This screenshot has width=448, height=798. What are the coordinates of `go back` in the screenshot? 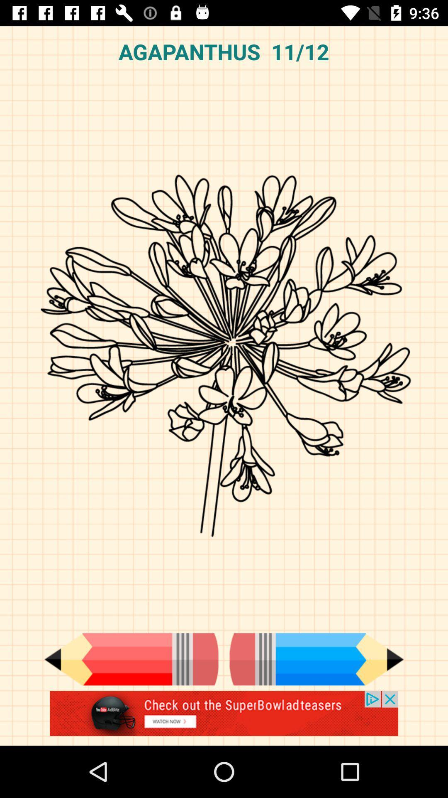 It's located at (131, 659).